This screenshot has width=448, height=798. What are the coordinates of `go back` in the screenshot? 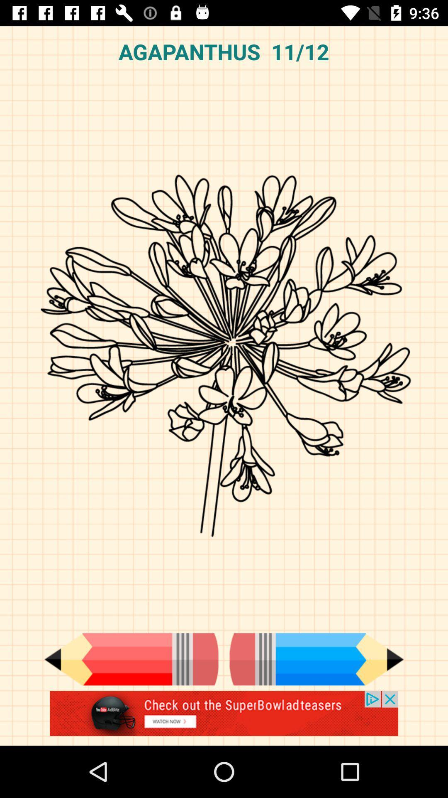 It's located at (131, 659).